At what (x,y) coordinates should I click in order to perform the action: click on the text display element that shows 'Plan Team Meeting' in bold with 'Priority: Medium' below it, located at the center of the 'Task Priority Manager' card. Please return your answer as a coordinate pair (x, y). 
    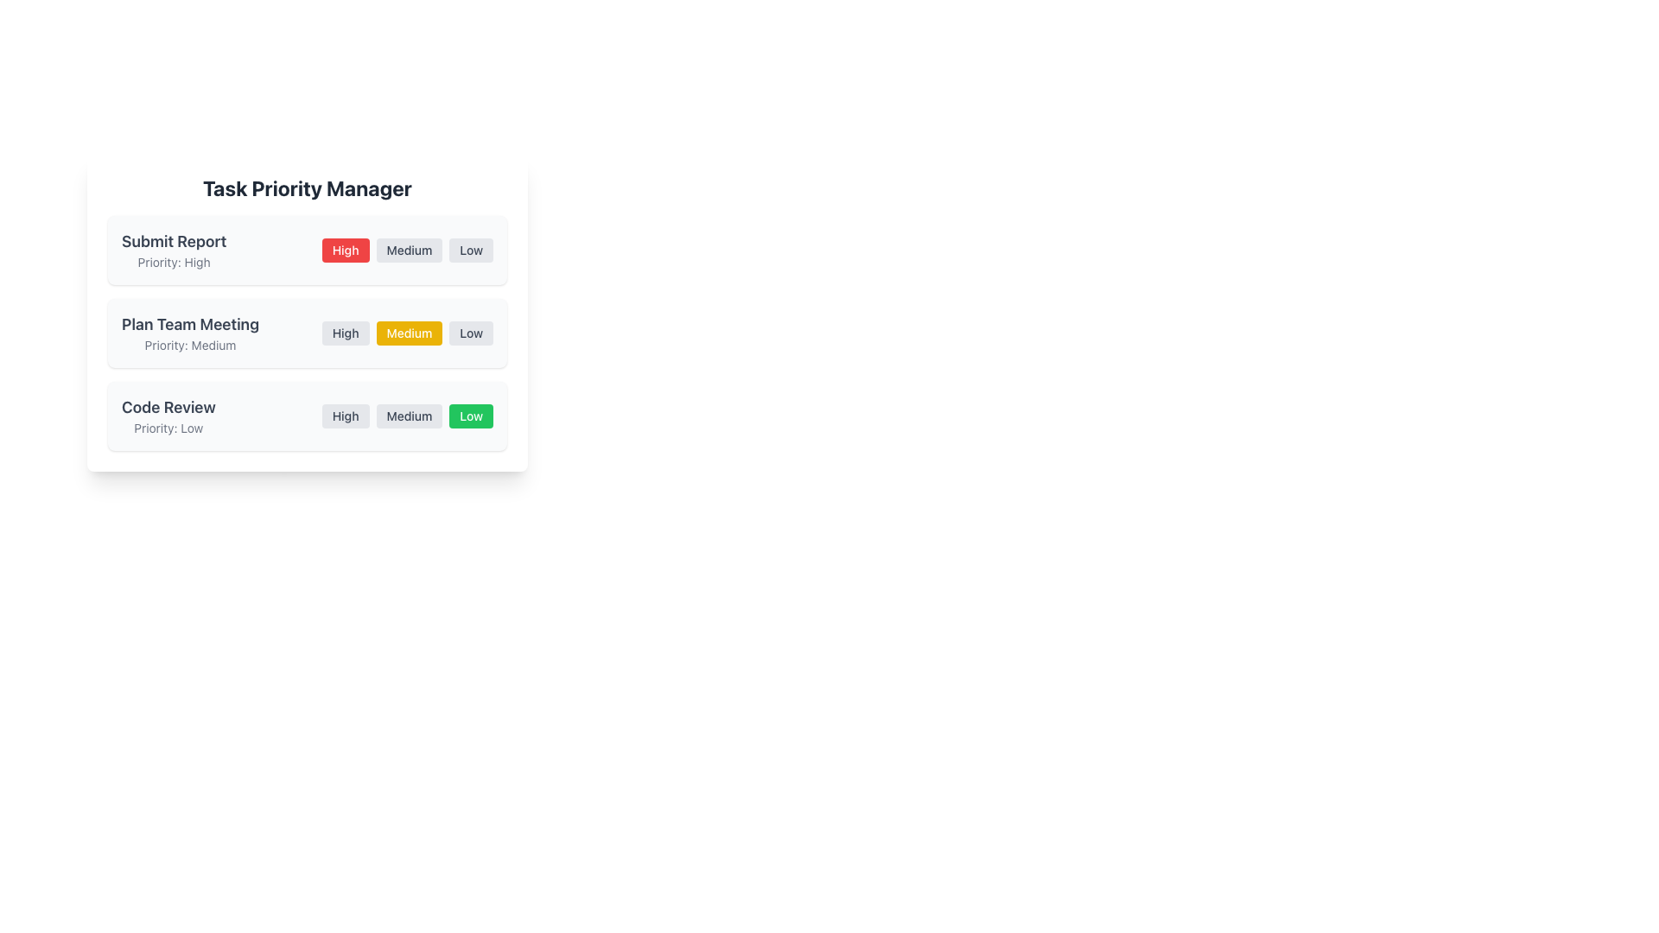
    Looking at the image, I should click on (190, 333).